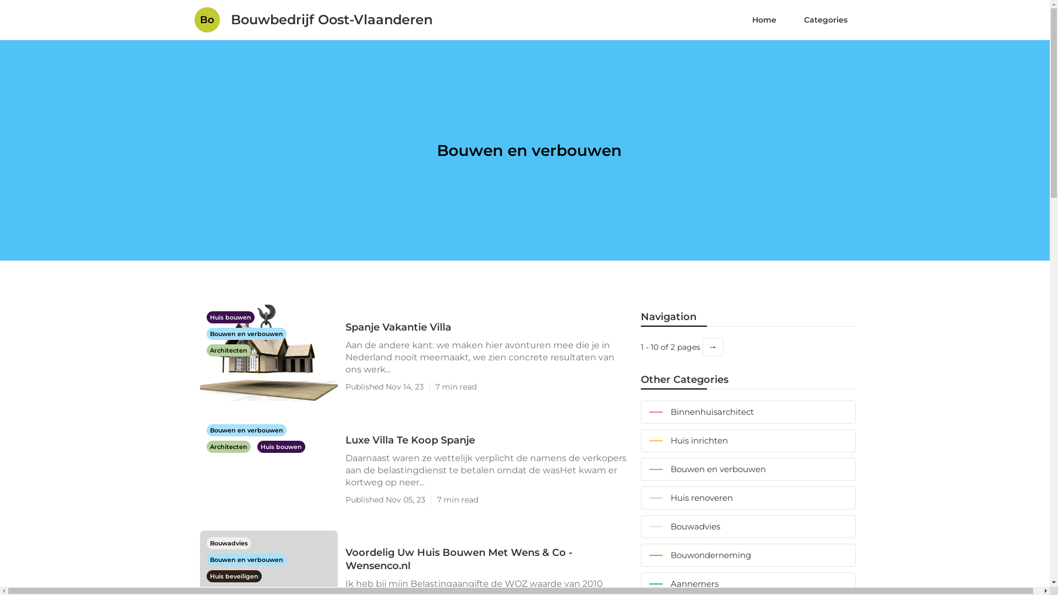  Describe the element at coordinates (764, 19) in the screenshot. I see `'Home'` at that location.